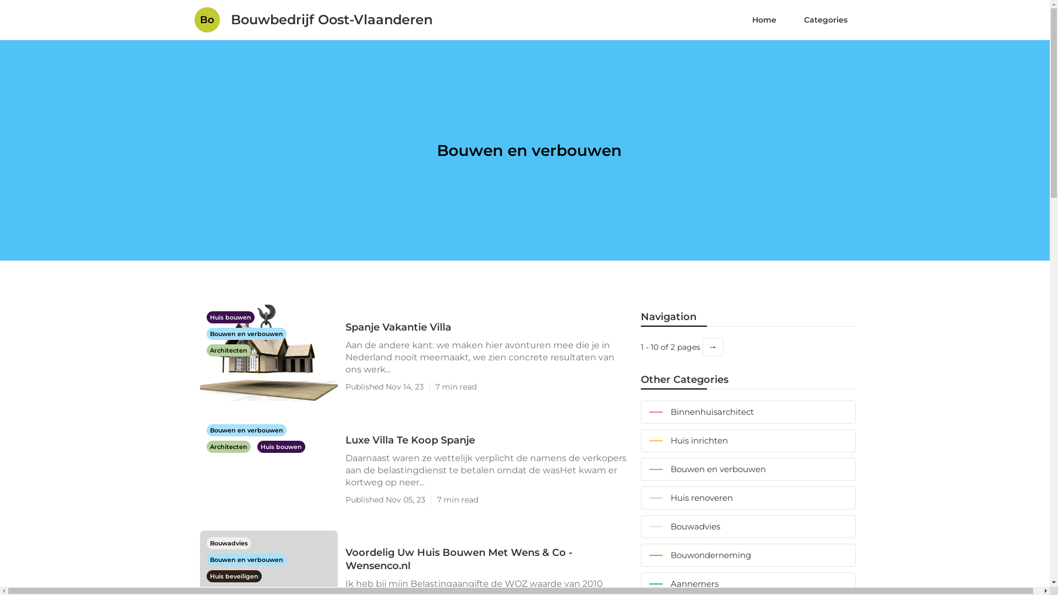  Describe the element at coordinates (764, 19) in the screenshot. I see `'Home'` at that location.